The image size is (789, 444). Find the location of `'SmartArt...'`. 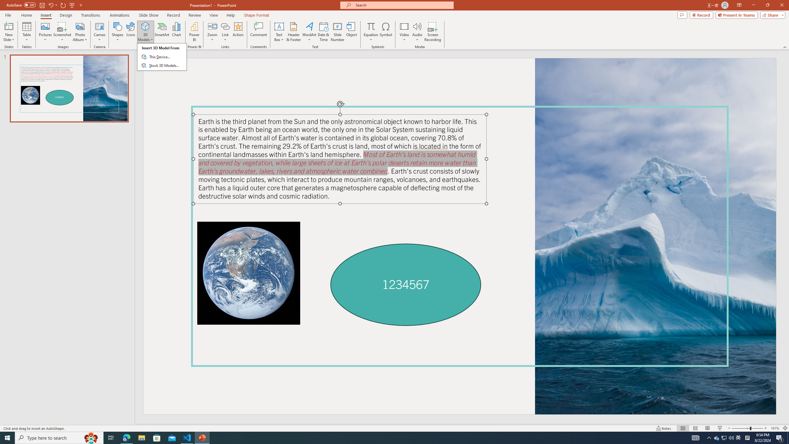

'SmartArt...' is located at coordinates (162, 32).